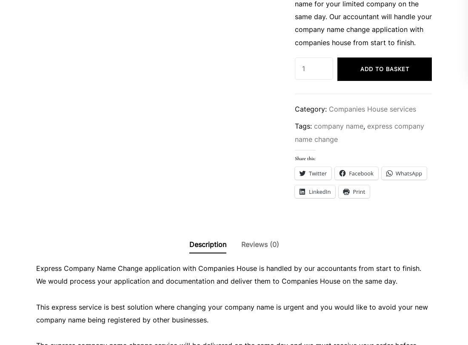 The height and width of the screenshot is (345, 468). What do you see at coordinates (304, 157) in the screenshot?
I see `'Share this:'` at bounding box center [304, 157].